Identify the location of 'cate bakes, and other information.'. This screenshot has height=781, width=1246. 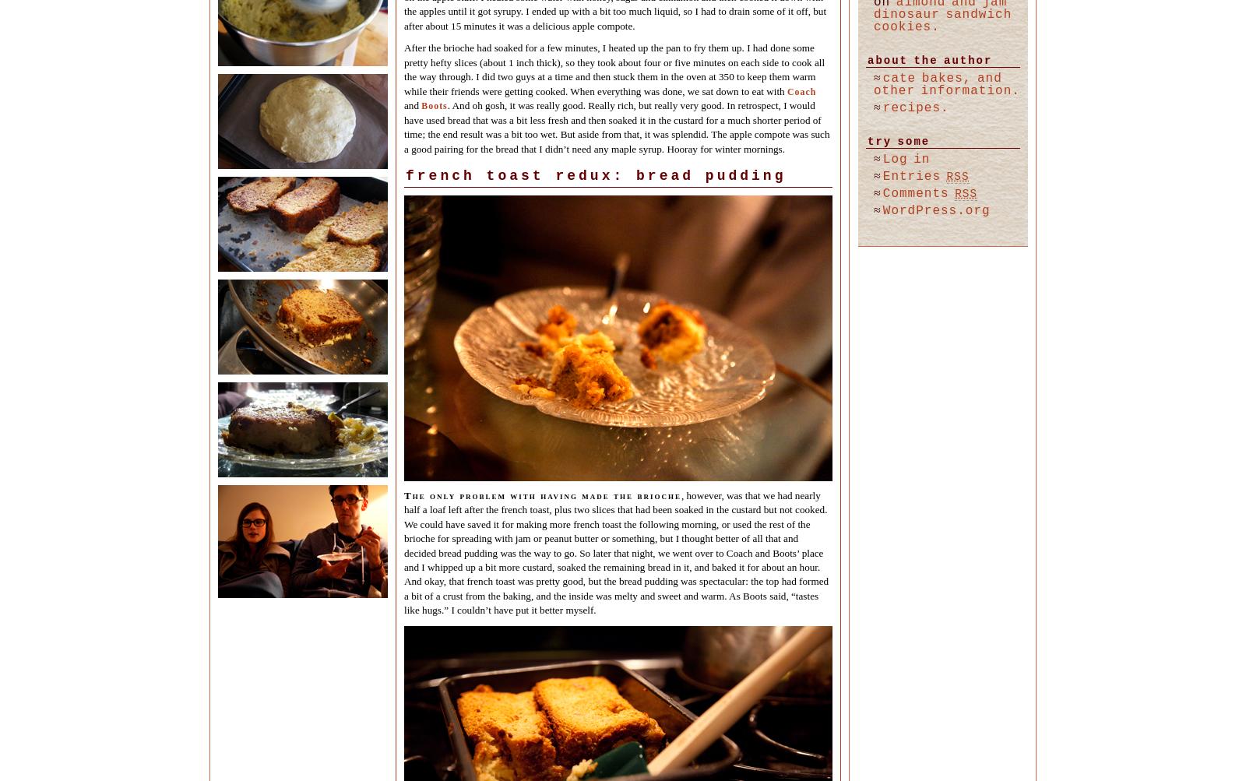
(945, 84).